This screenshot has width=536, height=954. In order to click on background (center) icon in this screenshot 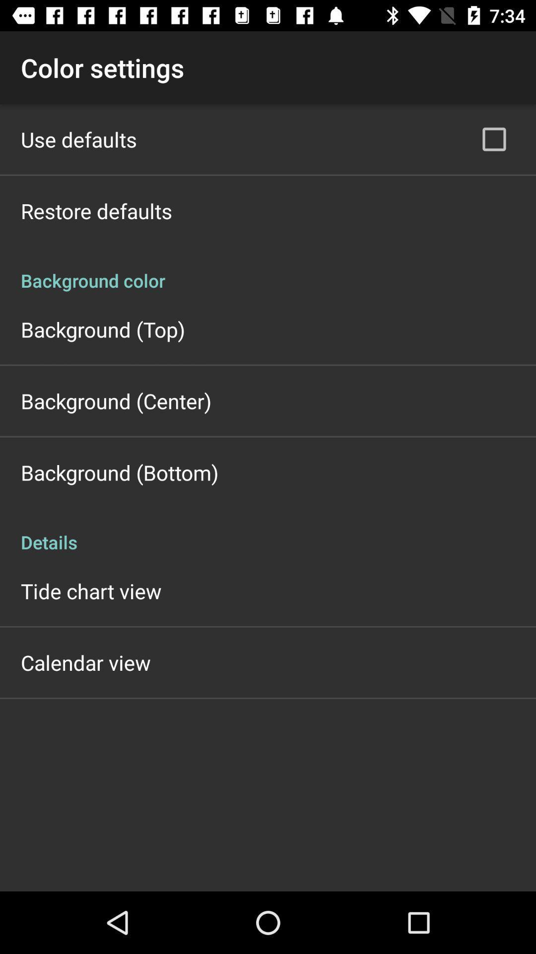, I will do `click(116, 400)`.